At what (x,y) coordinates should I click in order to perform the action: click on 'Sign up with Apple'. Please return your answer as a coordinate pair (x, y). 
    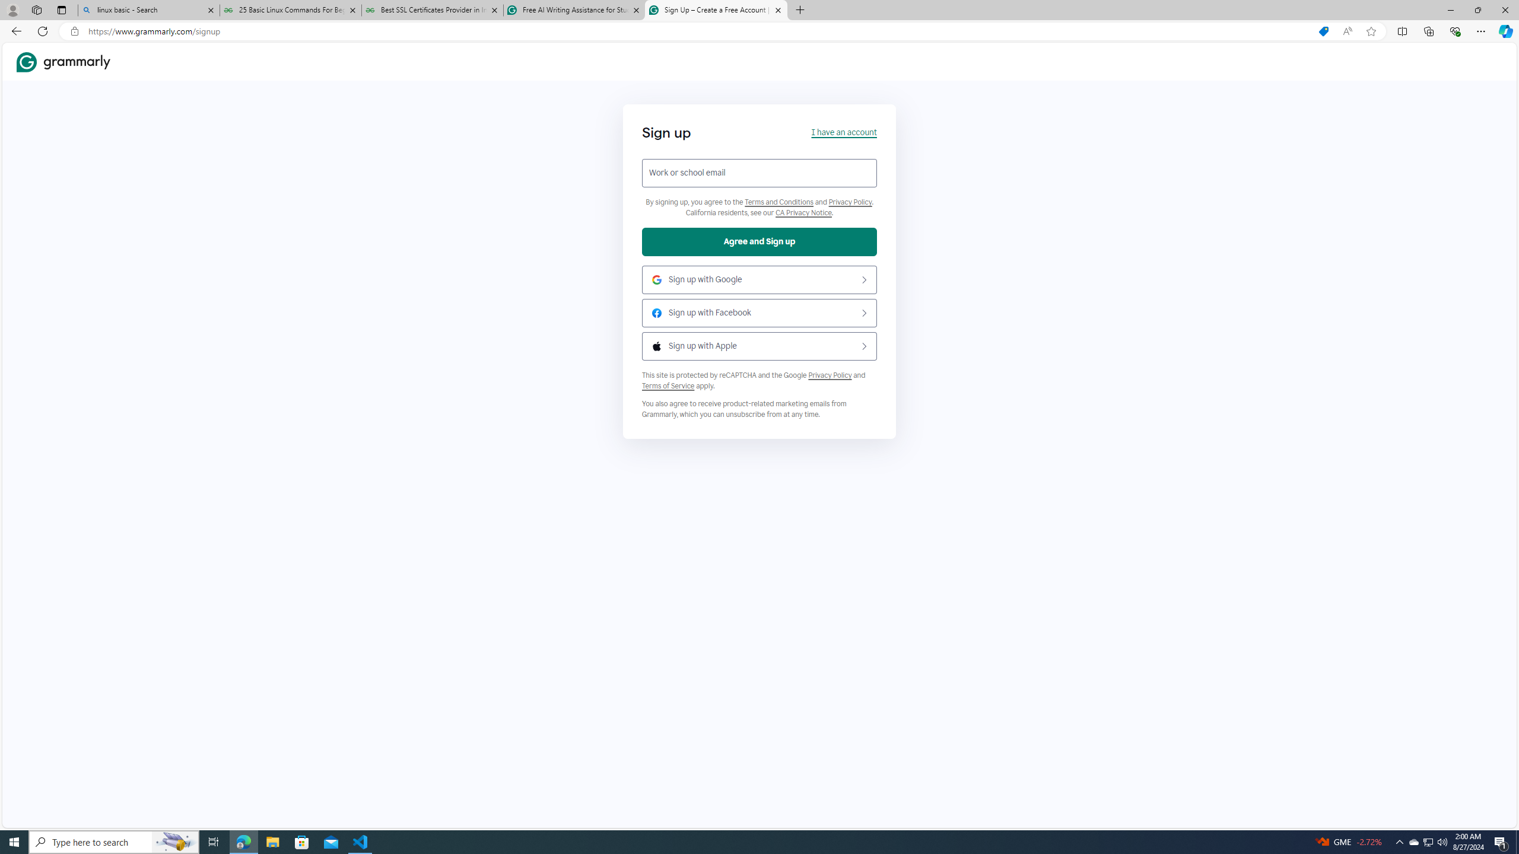
    Looking at the image, I should click on (759, 345).